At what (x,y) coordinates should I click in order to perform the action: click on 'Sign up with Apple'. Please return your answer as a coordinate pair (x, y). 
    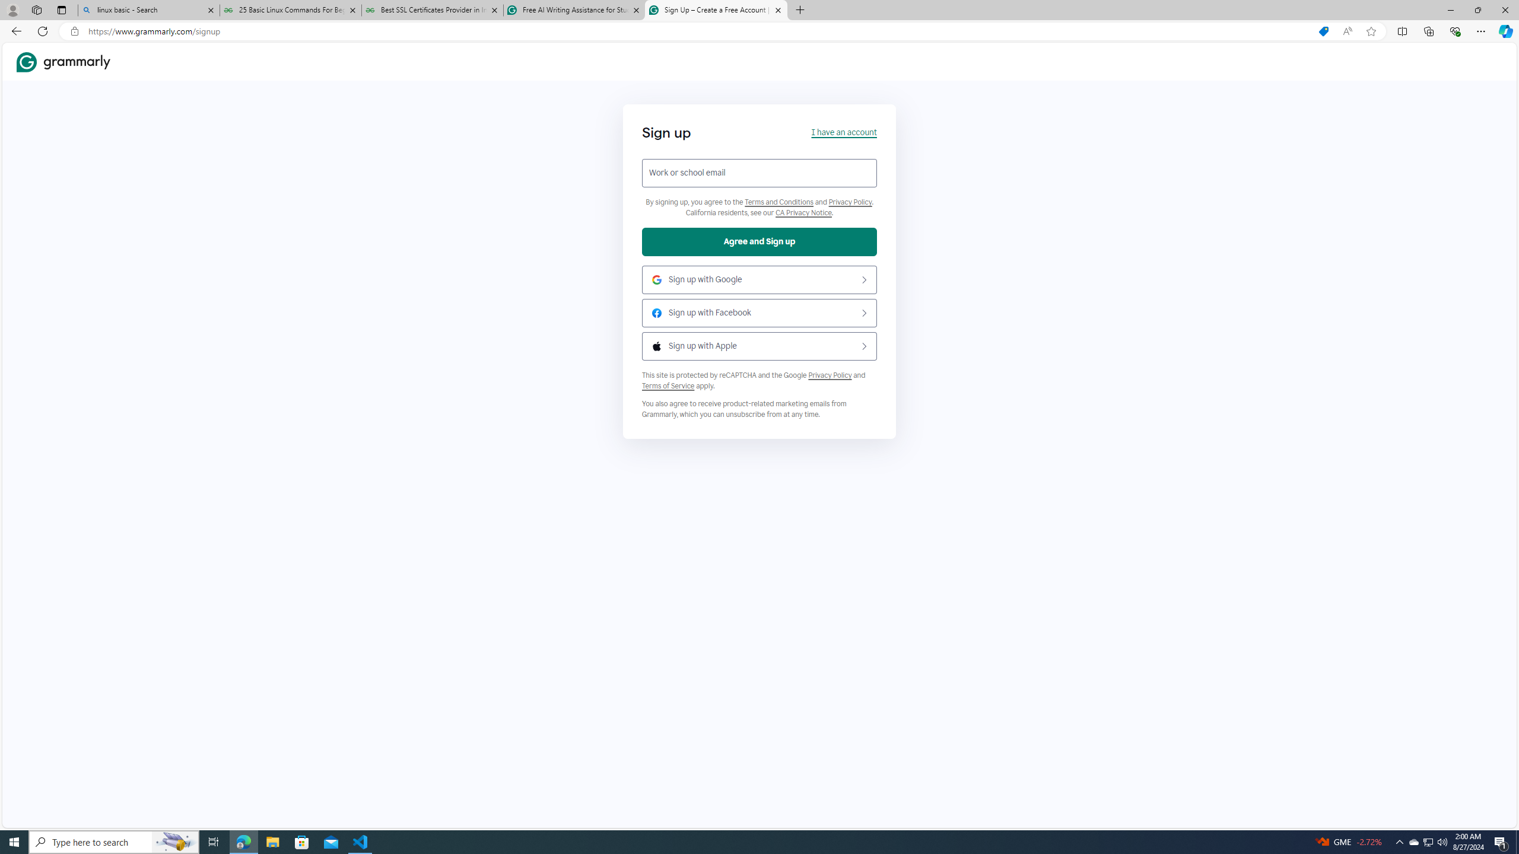
    Looking at the image, I should click on (759, 345).